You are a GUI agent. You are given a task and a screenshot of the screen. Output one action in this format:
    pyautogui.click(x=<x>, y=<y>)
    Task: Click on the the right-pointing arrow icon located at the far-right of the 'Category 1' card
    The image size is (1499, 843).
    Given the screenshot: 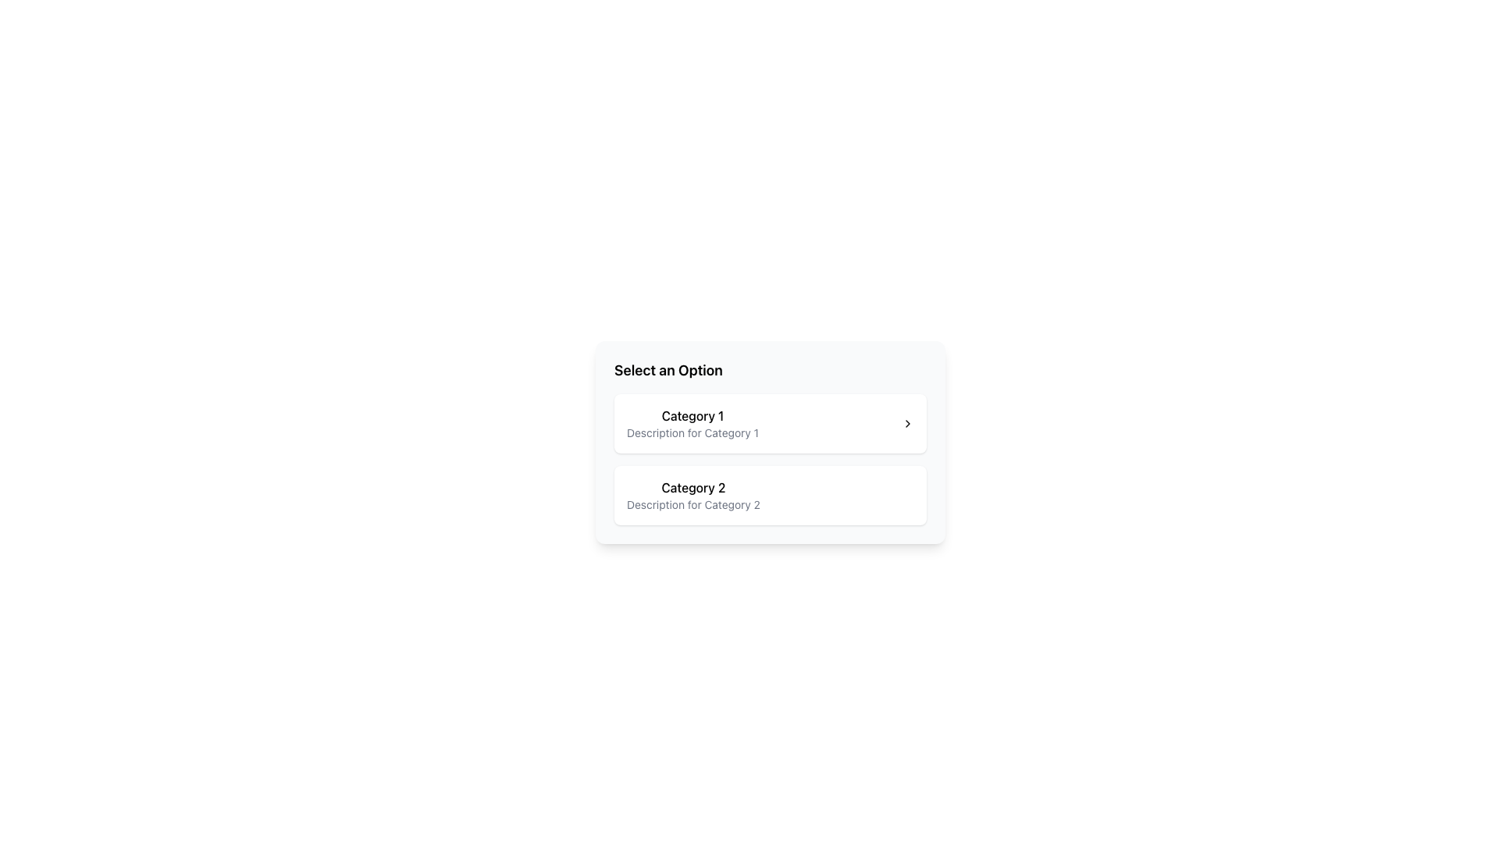 What is the action you would take?
    pyautogui.click(x=907, y=424)
    